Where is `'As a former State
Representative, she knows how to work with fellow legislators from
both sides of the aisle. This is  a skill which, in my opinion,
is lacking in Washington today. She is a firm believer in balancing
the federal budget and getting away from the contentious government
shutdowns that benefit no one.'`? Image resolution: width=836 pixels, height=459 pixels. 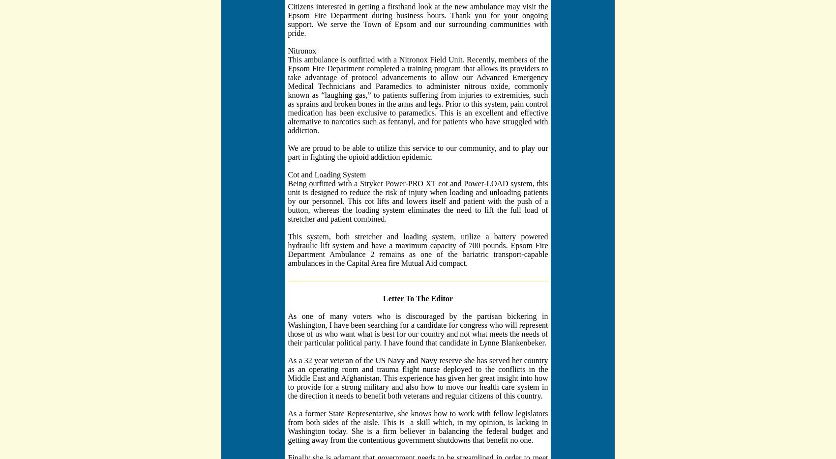
'As a former State
Representative, she knows how to work with fellow legislators from
both sides of the aisle. This is  a skill which, in my opinion,
is lacking in Washington today. She is a firm believer in balancing
the federal budget and getting away from the contentious government
shutdowns that benefit no one.' is located at coordinates (417, 426).